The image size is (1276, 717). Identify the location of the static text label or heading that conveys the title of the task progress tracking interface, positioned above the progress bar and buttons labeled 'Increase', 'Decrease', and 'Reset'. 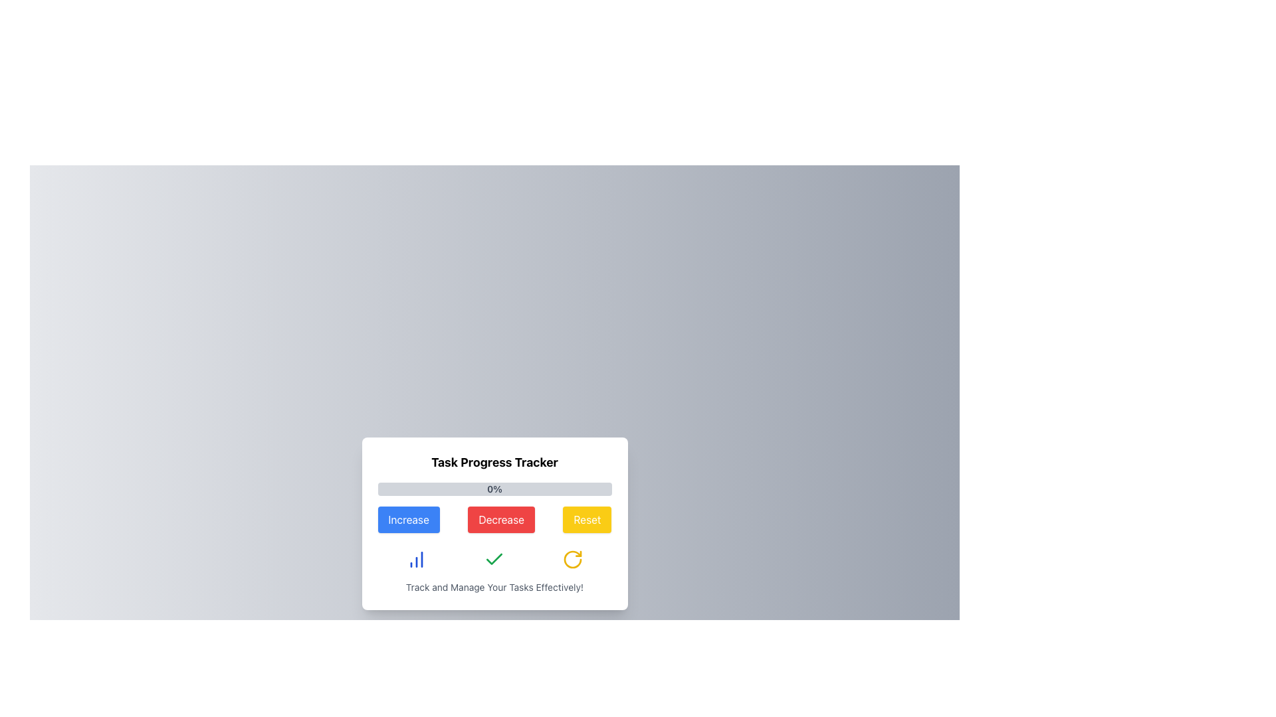
(494, 462).